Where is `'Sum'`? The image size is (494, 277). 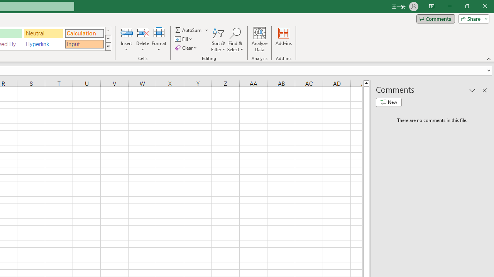 'Sum' is located at coordinates (189, 30).